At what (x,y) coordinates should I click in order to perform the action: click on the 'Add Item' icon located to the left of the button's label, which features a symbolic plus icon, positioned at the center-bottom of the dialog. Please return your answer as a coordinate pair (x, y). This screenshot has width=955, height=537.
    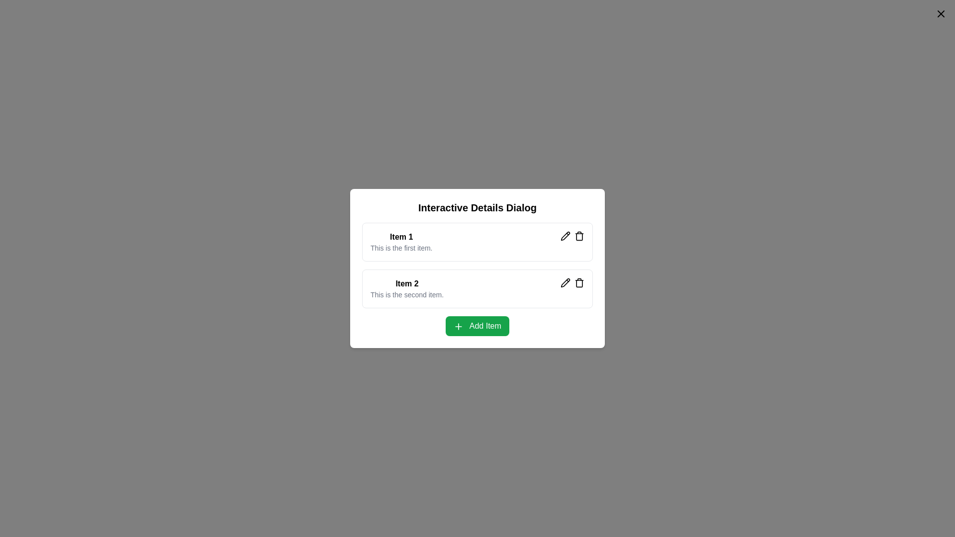
    Looking at the image, I should click on (458, 326).